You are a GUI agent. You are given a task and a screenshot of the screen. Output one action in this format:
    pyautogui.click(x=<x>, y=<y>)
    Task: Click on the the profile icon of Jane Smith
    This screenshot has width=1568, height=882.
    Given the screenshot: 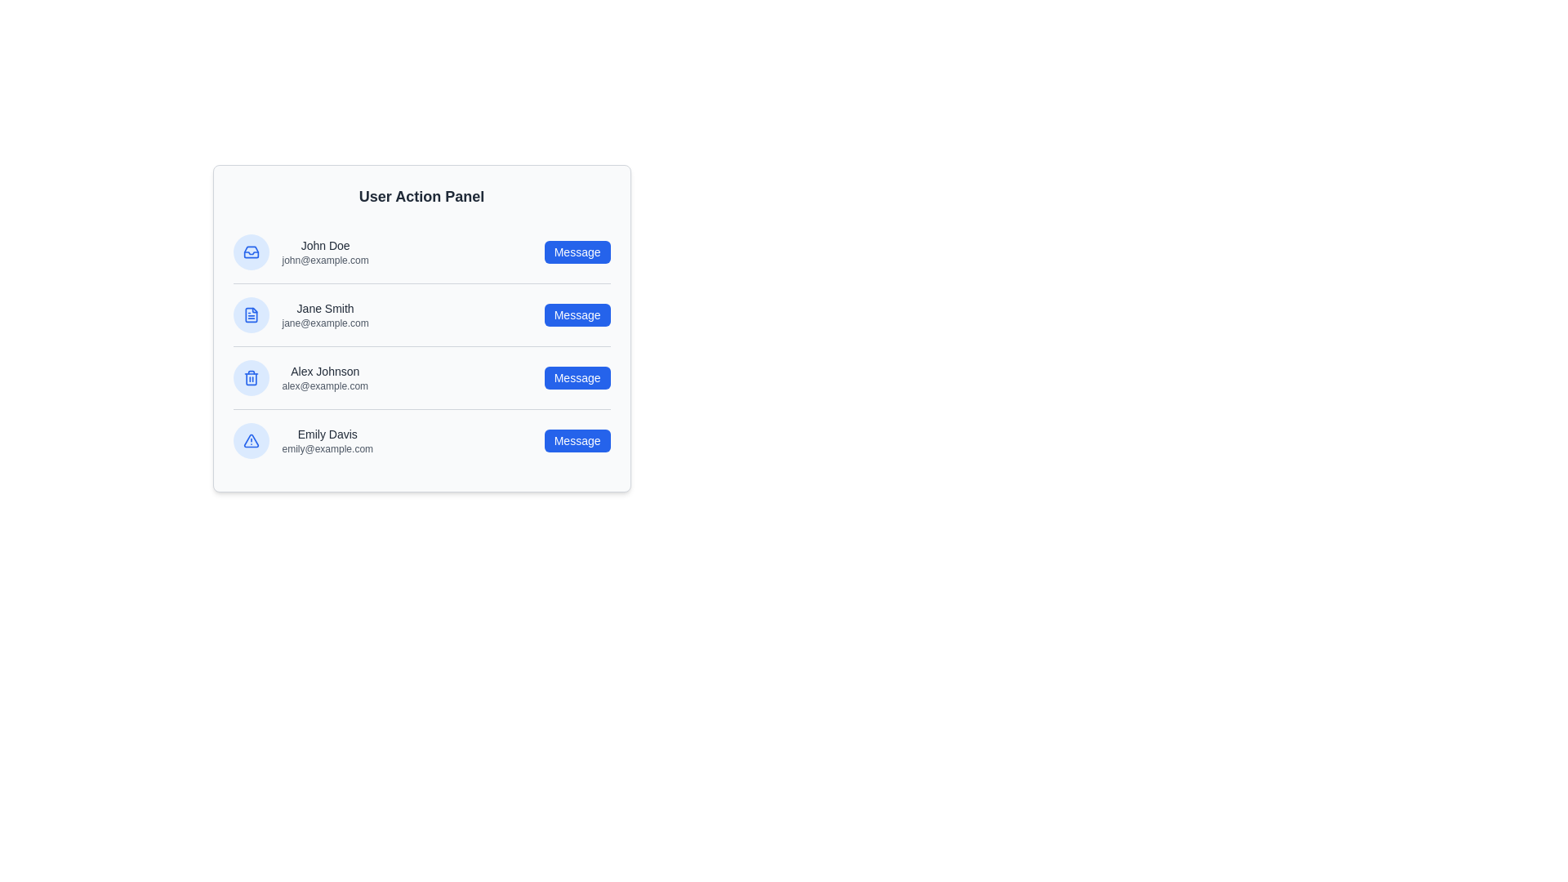 What is the action you would take?
    pyautogui.click(x=250, y=314)
    